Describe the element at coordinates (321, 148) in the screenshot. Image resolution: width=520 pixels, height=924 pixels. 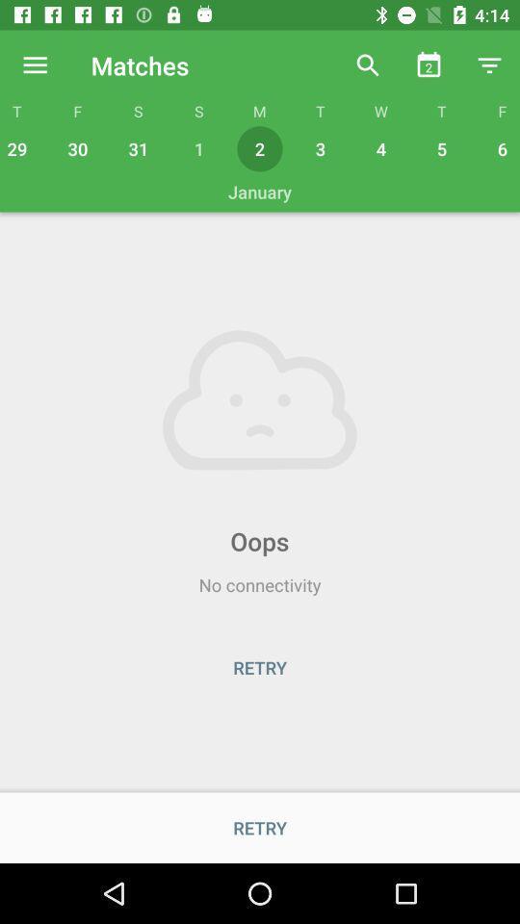
I see `the number 3` at that location.